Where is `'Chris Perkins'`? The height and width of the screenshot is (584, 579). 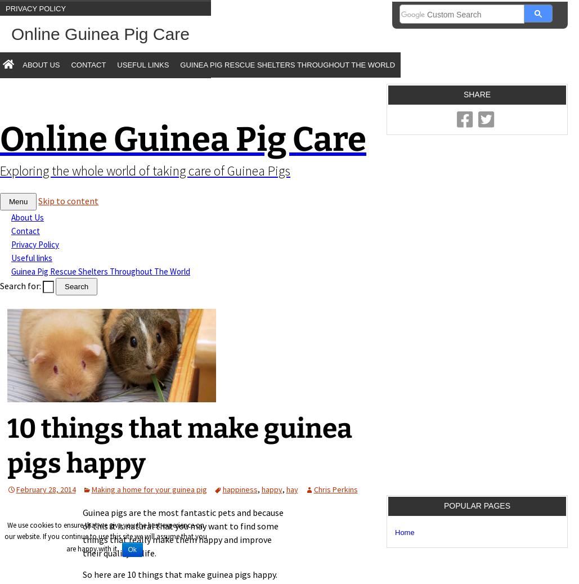 'Chris Perkins' is located at coordinates (312, 489).